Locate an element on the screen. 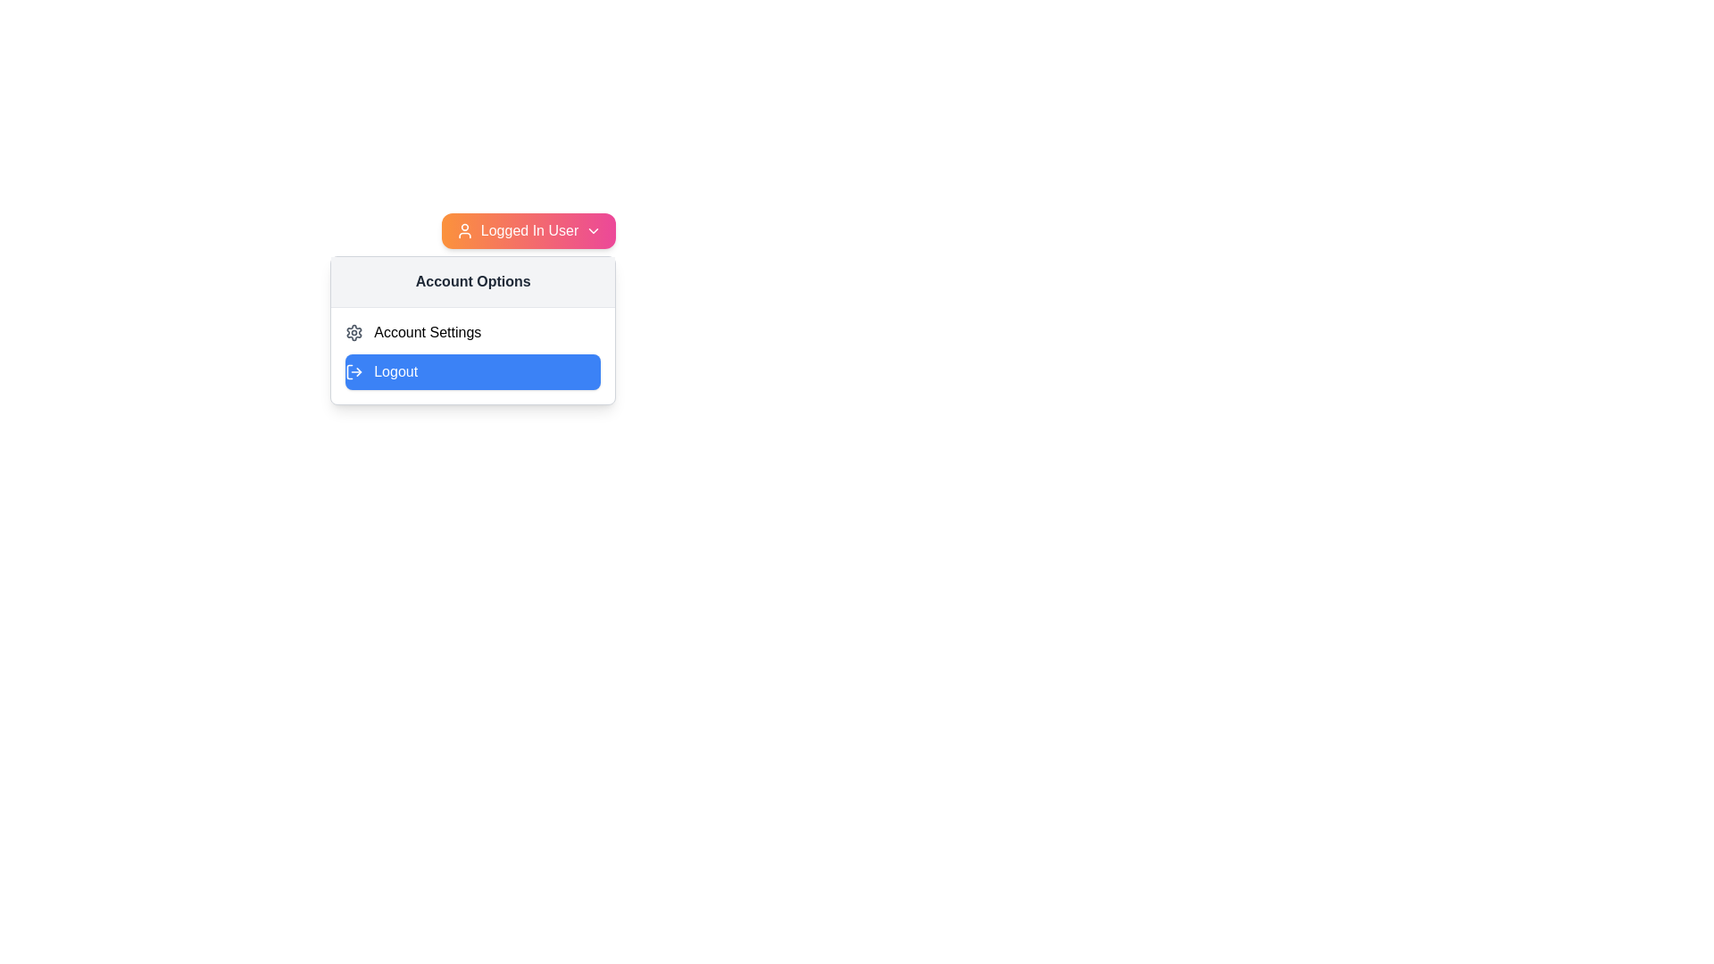 This screenshot has height=964, width=1714. the settings icon located to the left of the 'Account Settings' text, which visually represents the configuration feature for the account settings section is located at coordinates (354, 333).